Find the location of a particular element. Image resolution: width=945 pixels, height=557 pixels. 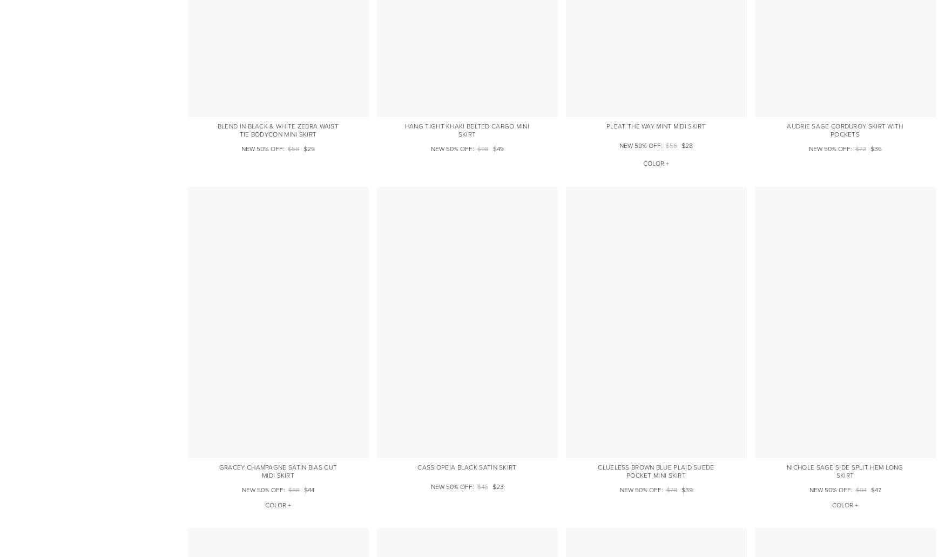

'Hang Tight Khaki Belted Cargo Mini Skirt' is located at coordinates (467, 129).